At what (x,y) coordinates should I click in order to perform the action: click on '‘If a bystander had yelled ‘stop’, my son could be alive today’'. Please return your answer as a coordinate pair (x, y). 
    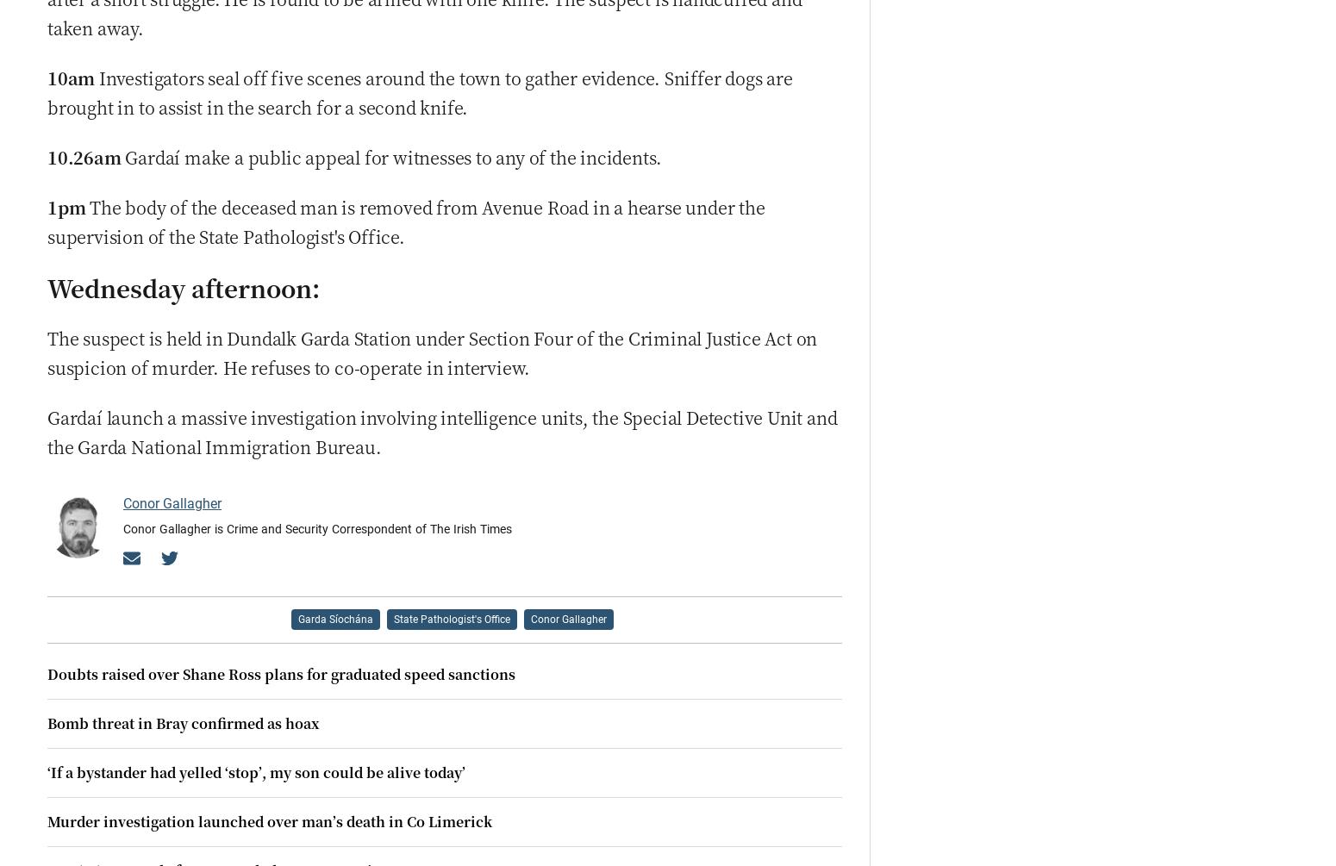
    Looking at the image, I should click on (256, 770).